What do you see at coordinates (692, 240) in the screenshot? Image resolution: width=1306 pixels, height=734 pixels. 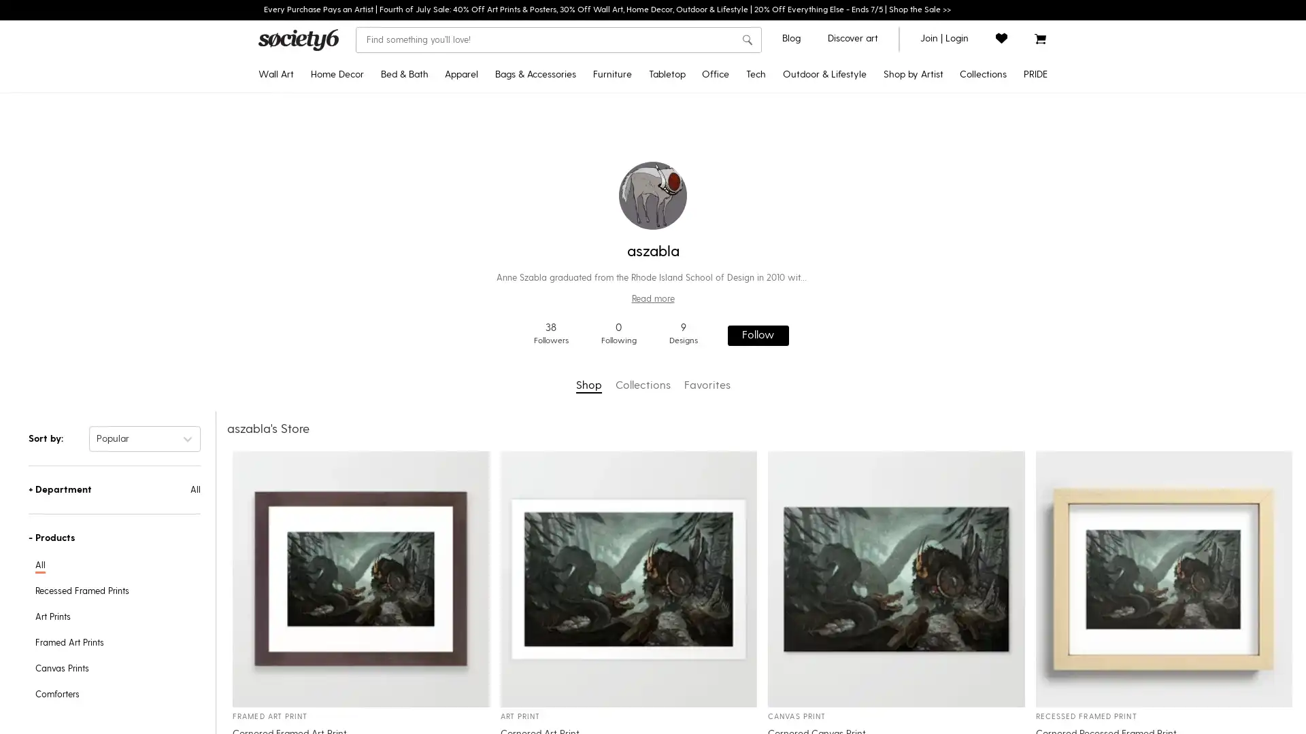 I see `Water Bottles` at bounding box center [692, 240].